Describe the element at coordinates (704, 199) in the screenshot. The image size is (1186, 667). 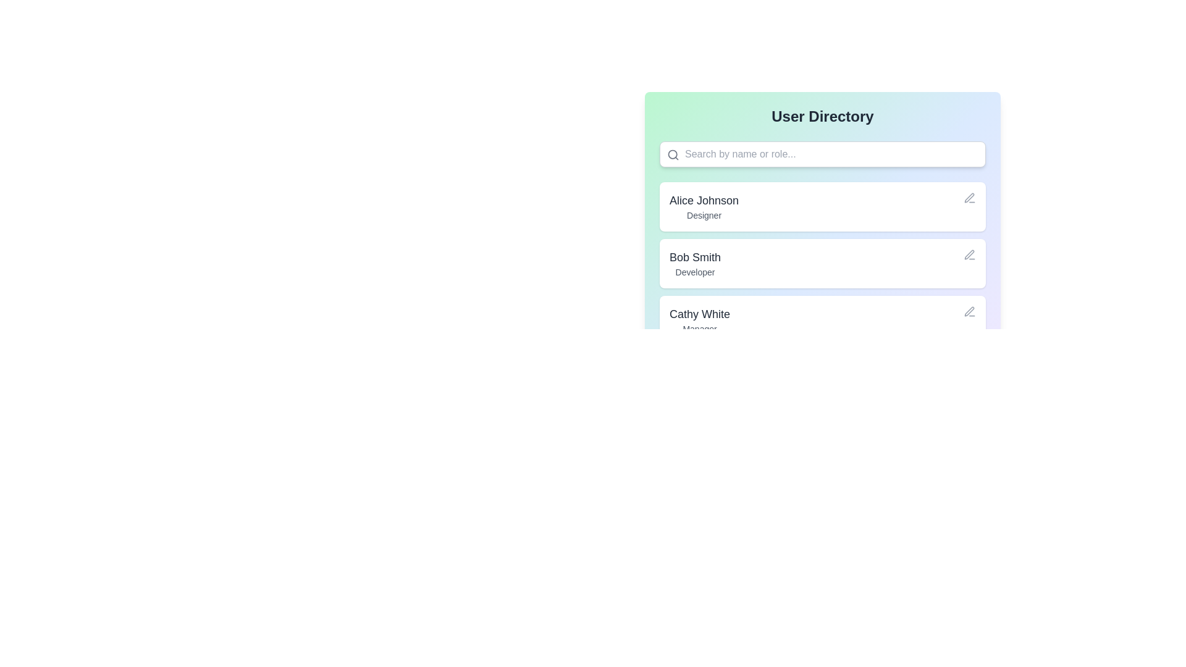
I see `the text label displaying 'Alice Johnson' in the user directory interface, located at the top-left section adjacent to 'Designer'` at that location.